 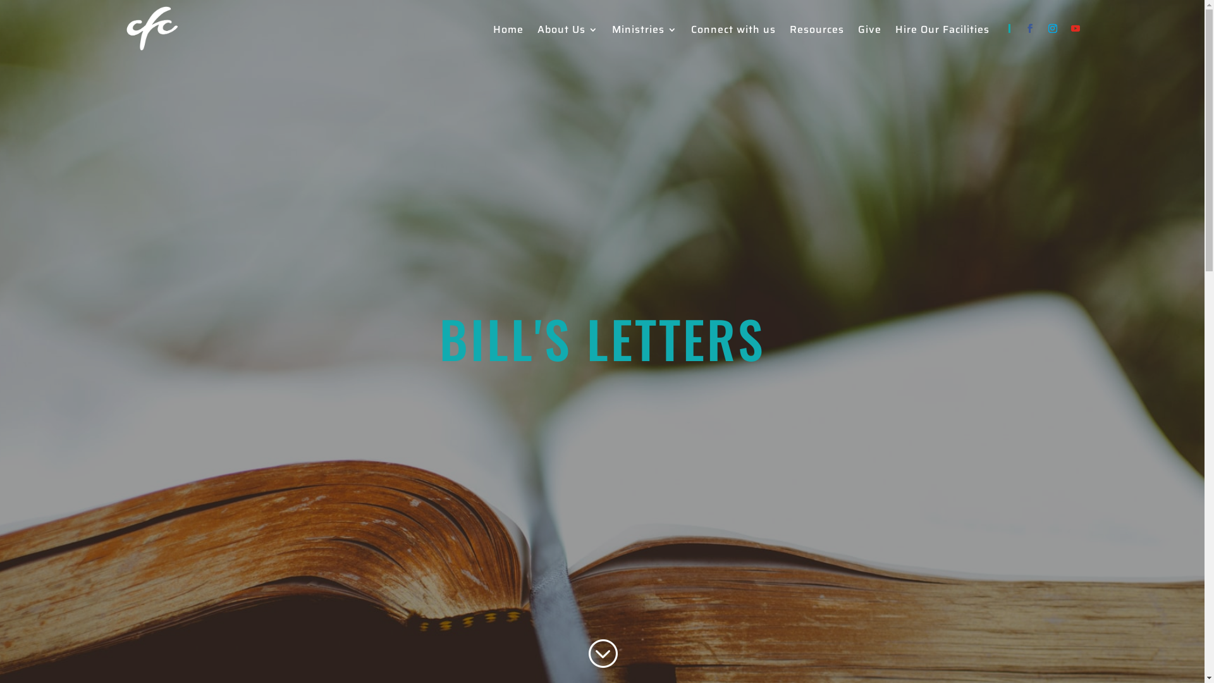 I want to click on 'Home', so click(x=508, y=31).